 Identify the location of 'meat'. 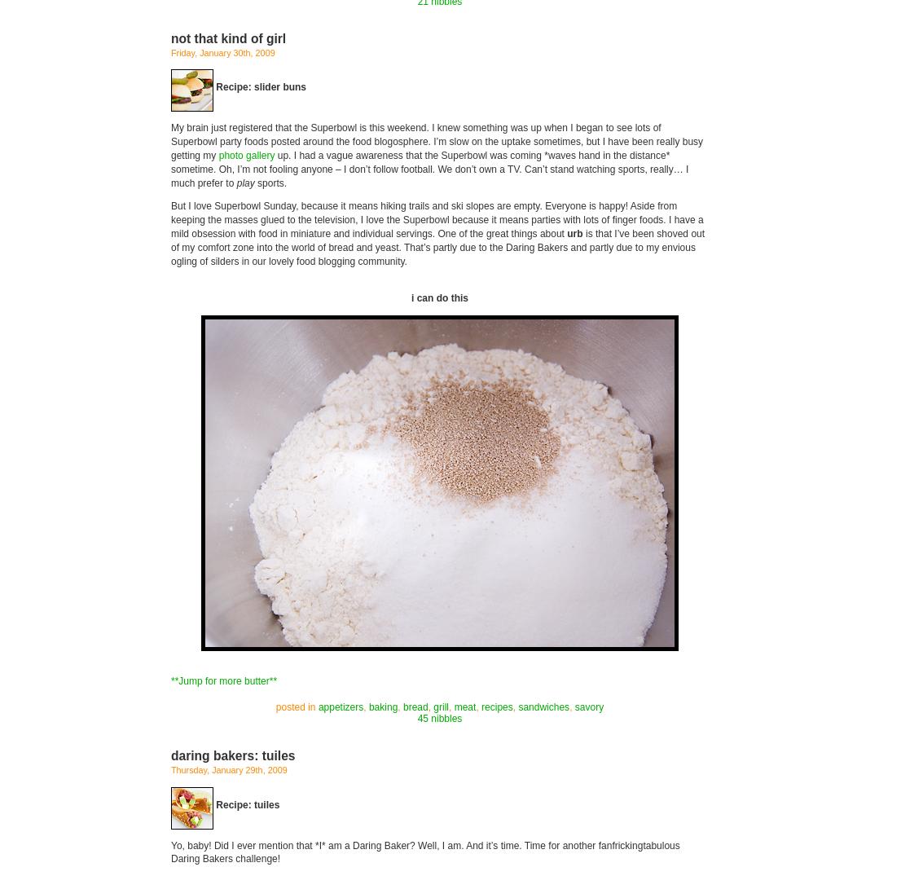
(453, 707).